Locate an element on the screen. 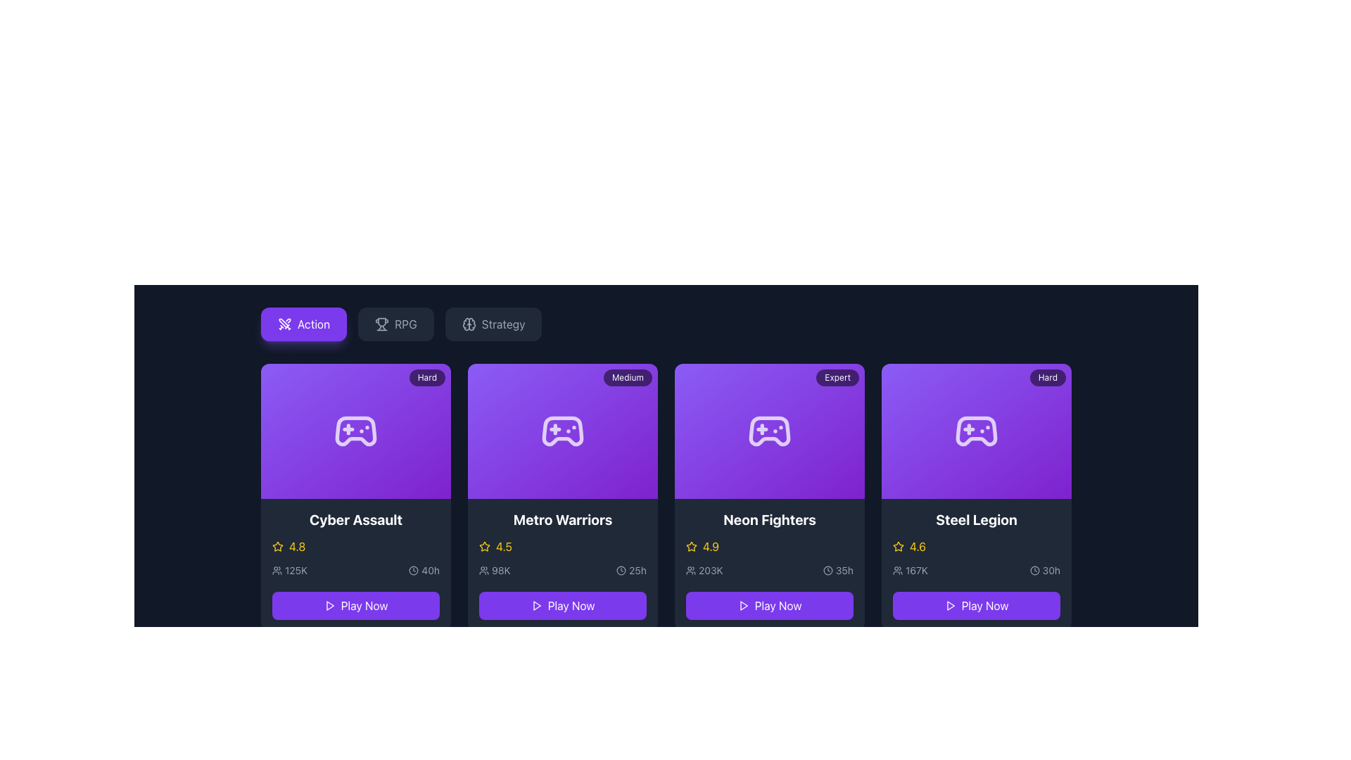 This screenshot has width=1351, height=760. the gamepad icon located at the center of the 'Neon Fighters' card, which is the third card in a row of four, characterized by its controller-like shape and white color on a purple gradient background is located at coordinates (769, 431).